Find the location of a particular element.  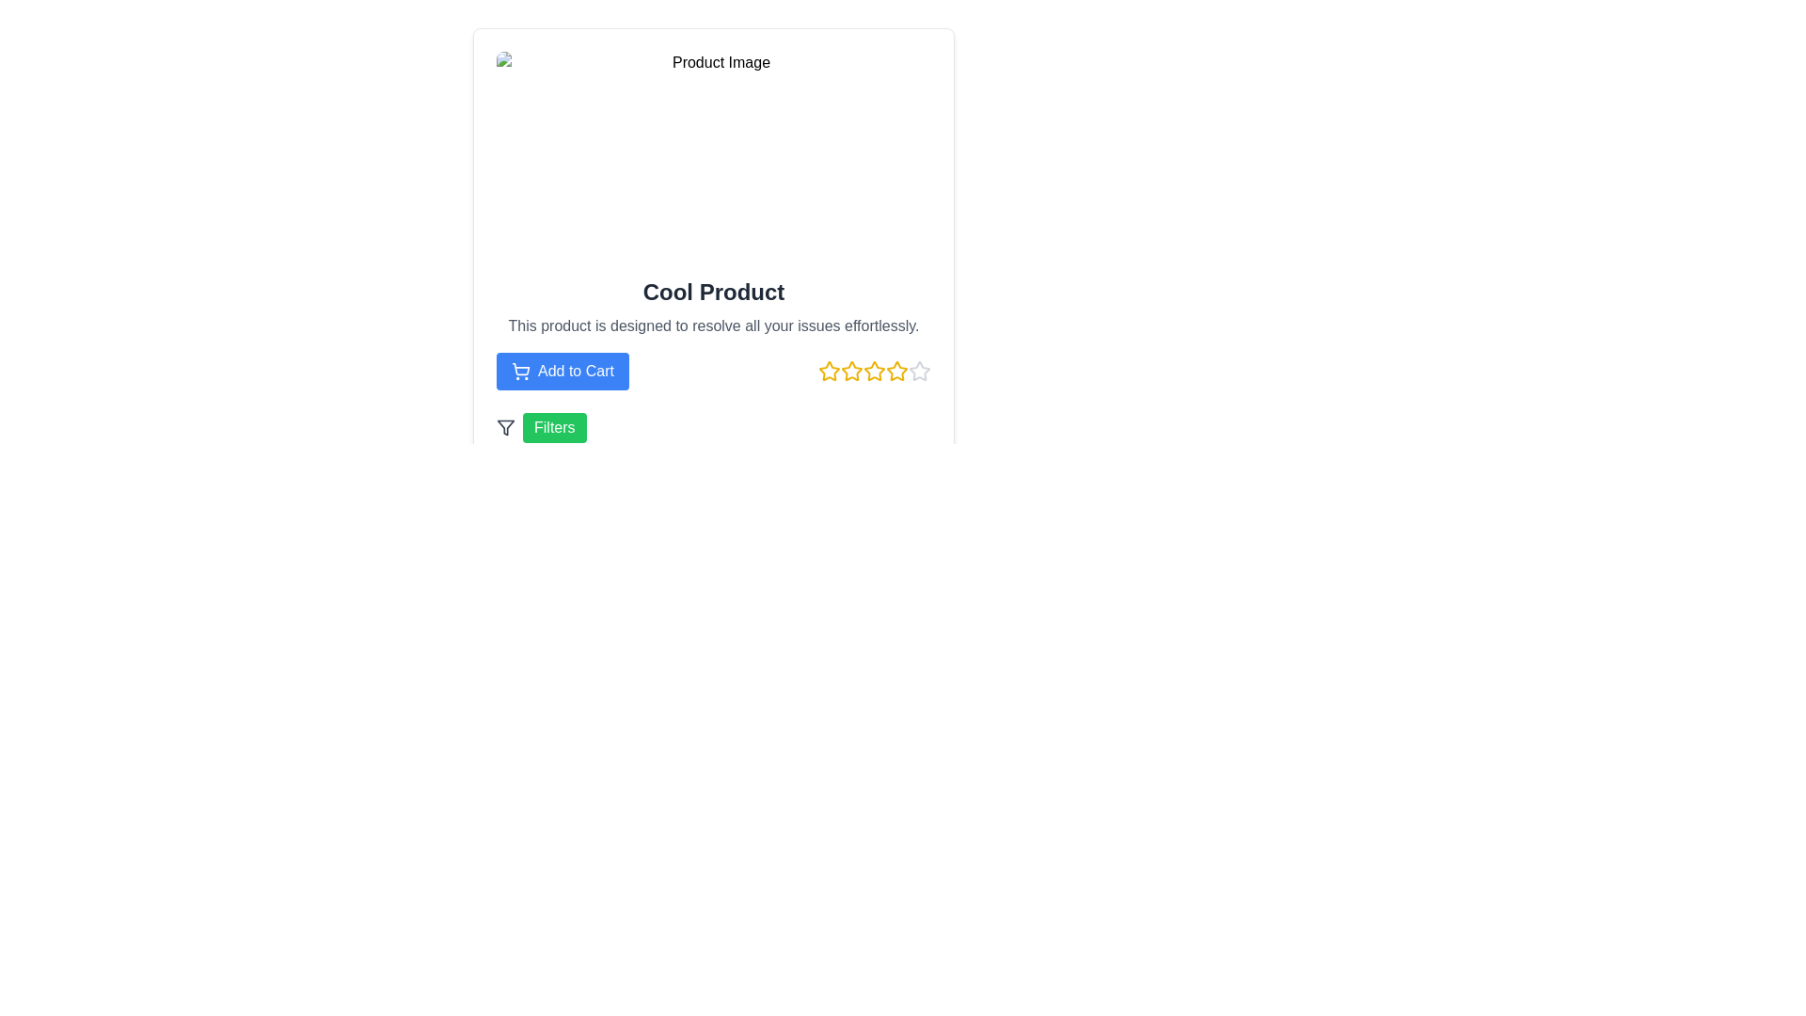

the funnel-shaped filter icon located within the 'Filters' button in the bottom left toolbar is located at coordinates (505, 428).